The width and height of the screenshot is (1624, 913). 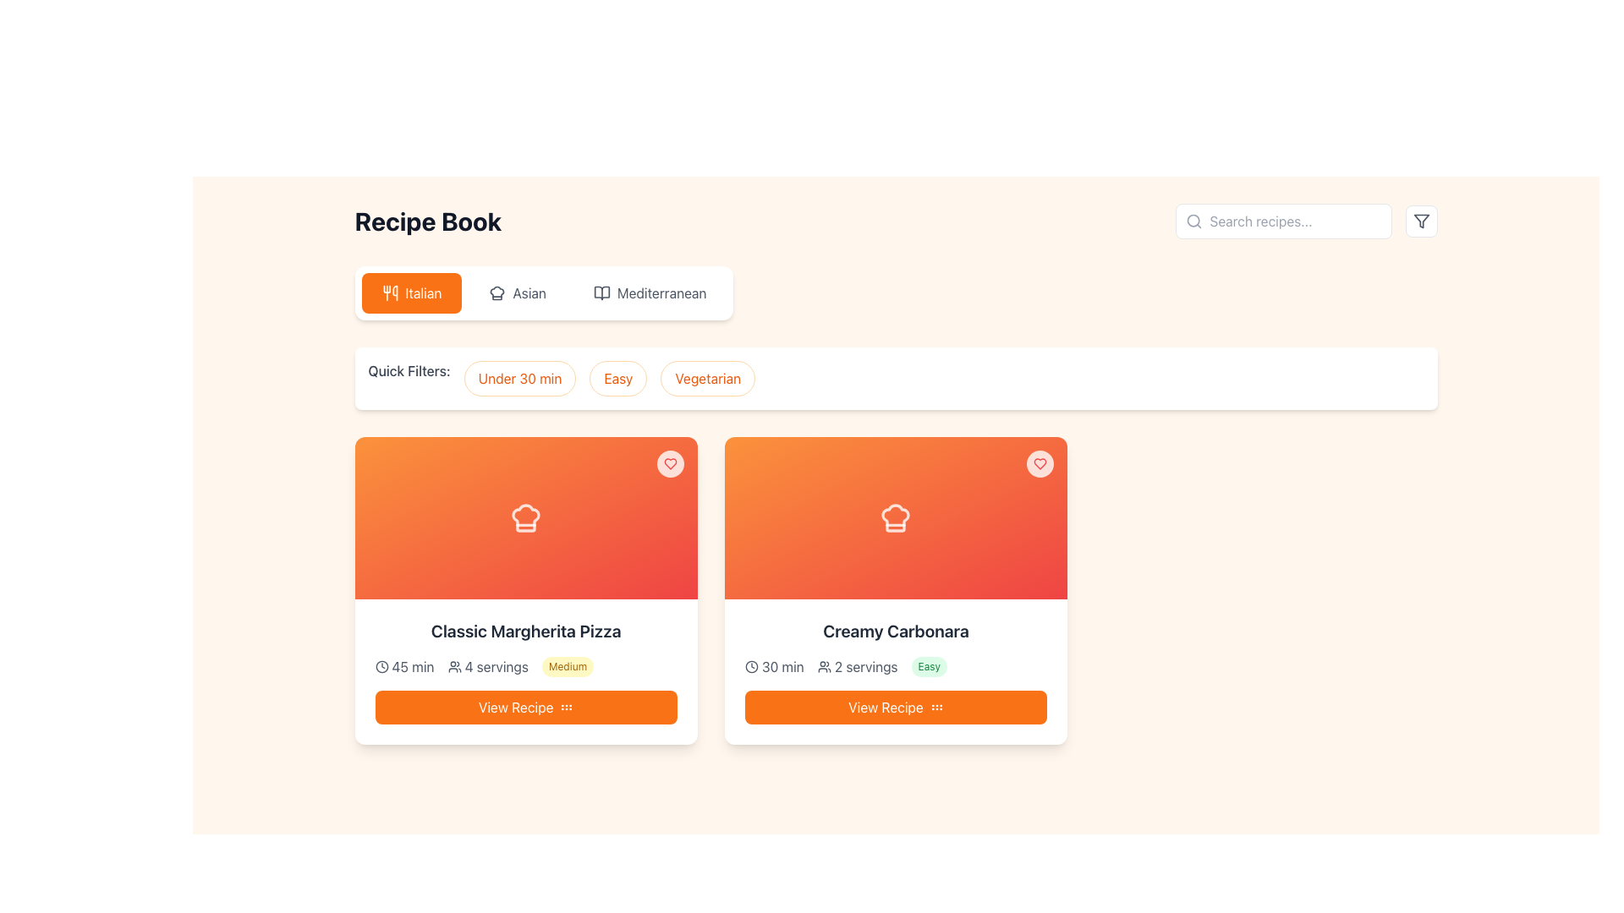 I want to click on the rectangular button with a bold orange background and white text 'View Recipe' located at the bottom center of the 'Creamy Carbonara' recipe card, so click(x=895, y=708).